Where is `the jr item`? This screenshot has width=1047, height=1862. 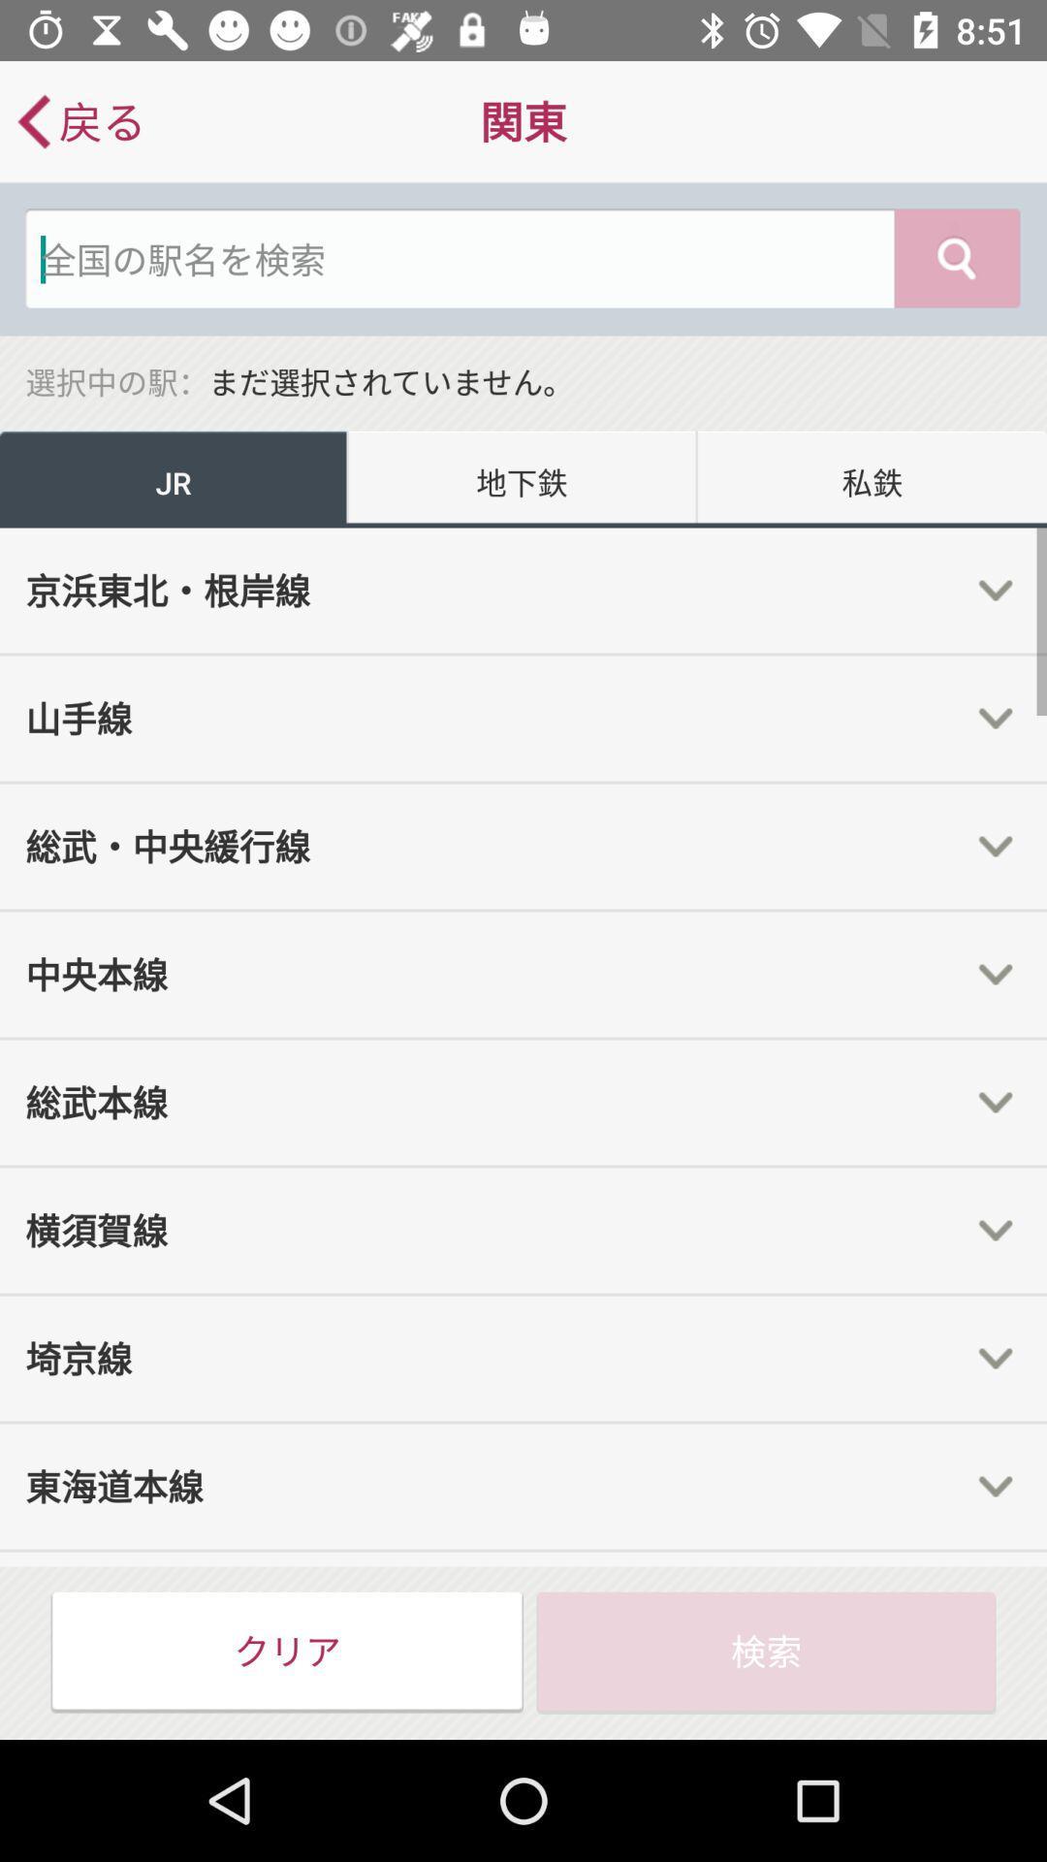 the jr item is located at coordinates (174, 479).